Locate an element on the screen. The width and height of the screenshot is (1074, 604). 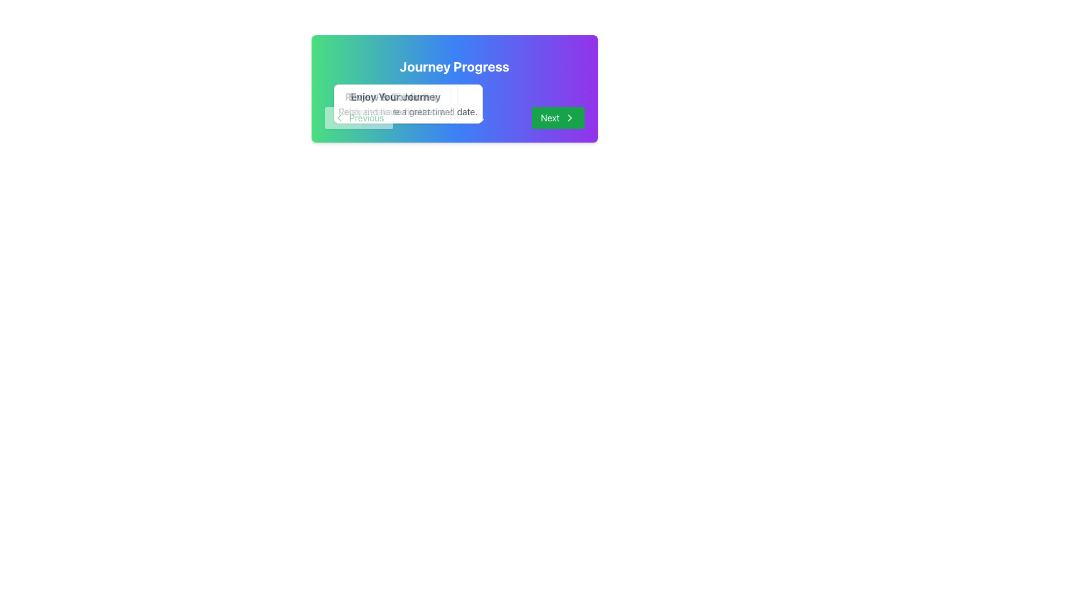
the fourth Information card in the Journey Progress section is located at coordinates (395, 103).